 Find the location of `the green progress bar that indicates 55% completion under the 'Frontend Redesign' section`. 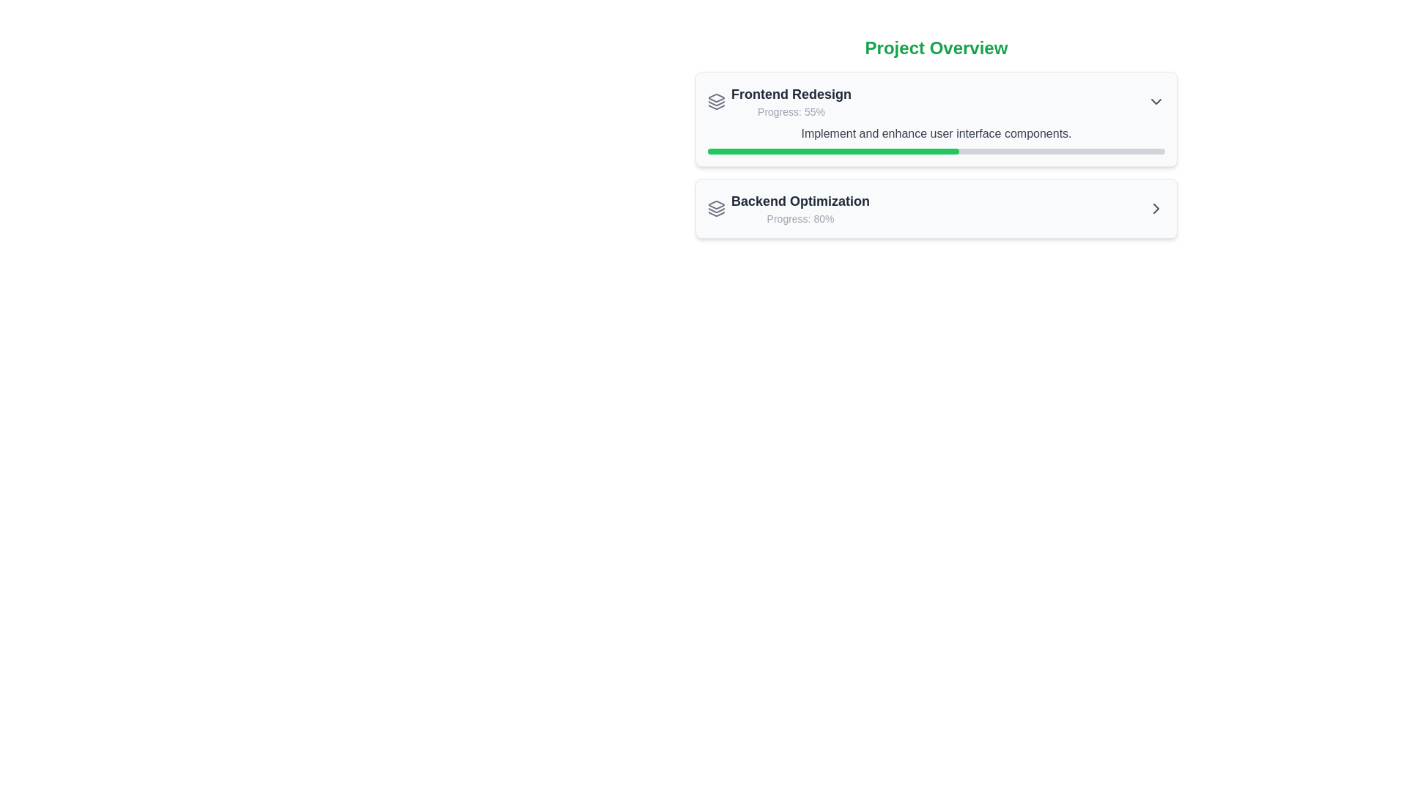

the green progress bar that indicates 55% completion under the 'Frontend Redesign' section is located at coordinates (833, 152).